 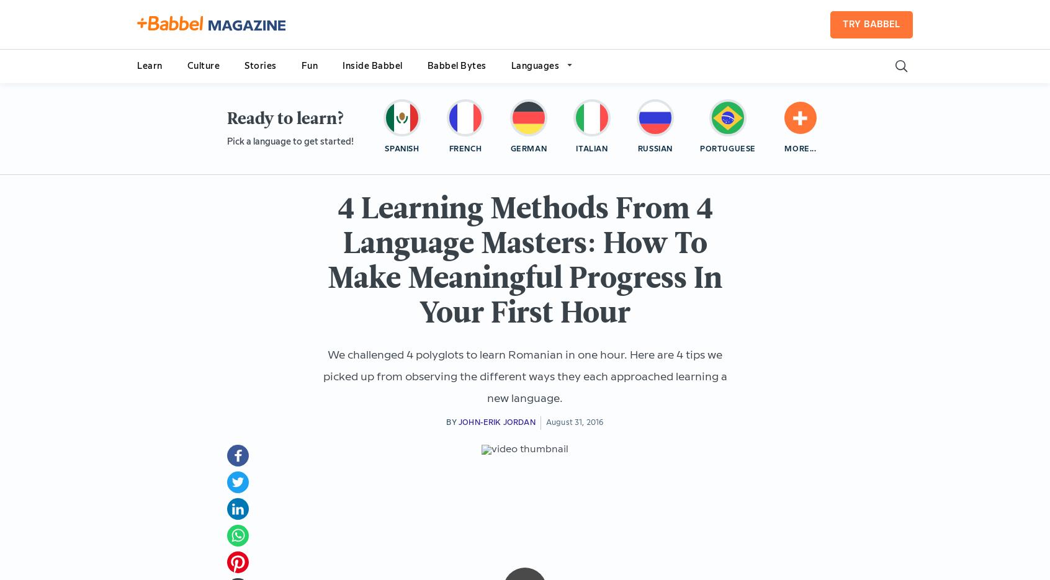 What do you see at coordinates (260, 65) in the screenshot?
I see `'Stories'` at bounding box center [260, 65].